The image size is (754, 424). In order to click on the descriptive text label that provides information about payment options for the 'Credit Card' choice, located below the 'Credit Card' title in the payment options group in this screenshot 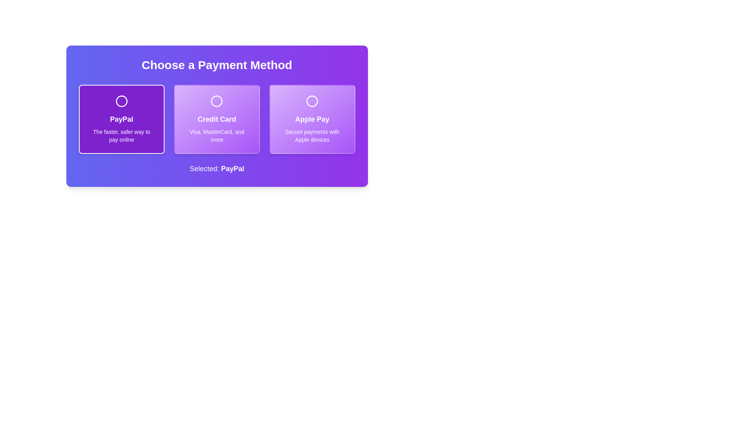, I will do `click(217, 135)`.